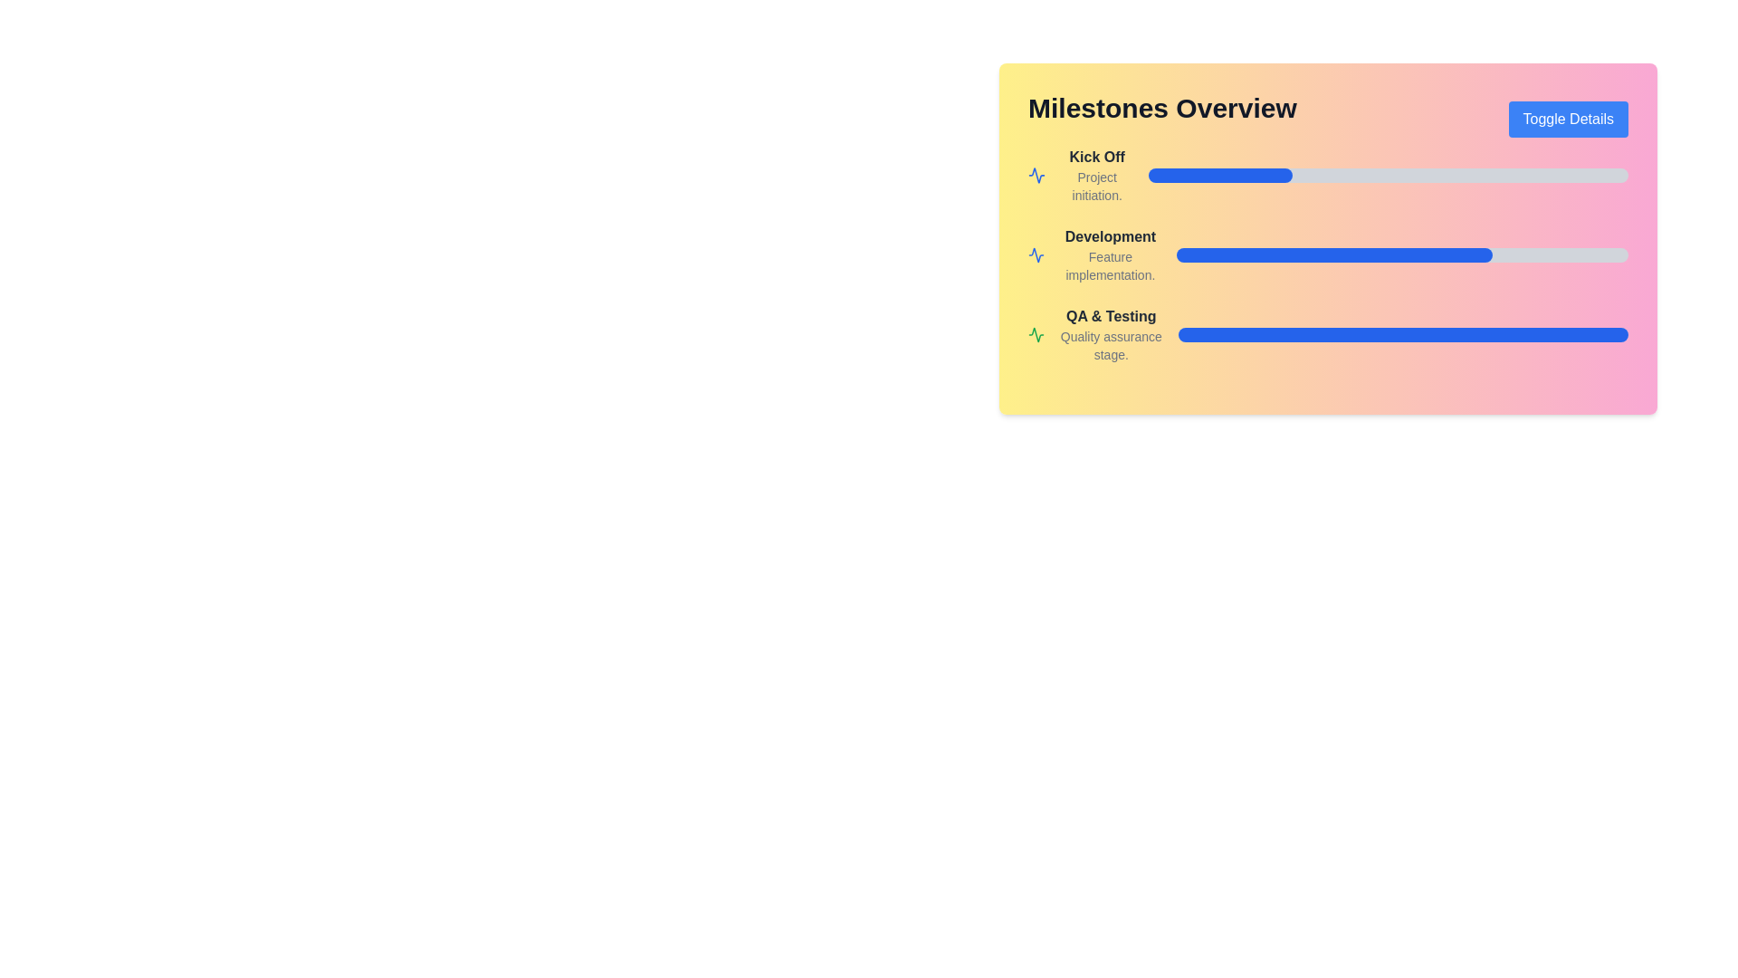  I want to click on the blue rounded progress bar segment, which is the filled portion of the progress bar under the 'Kick Off' label in the 'Milestones Overview' section, so click(1220, 175).